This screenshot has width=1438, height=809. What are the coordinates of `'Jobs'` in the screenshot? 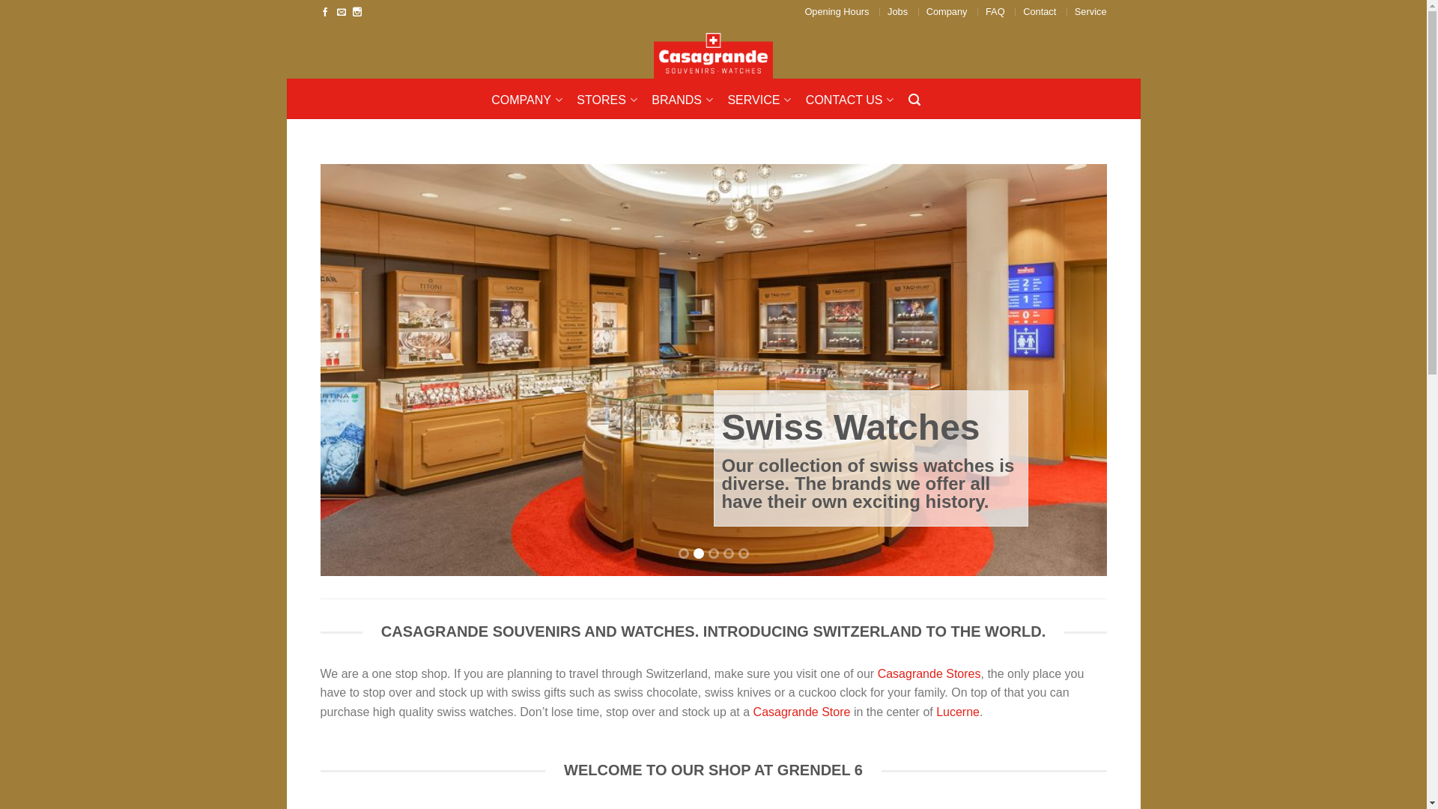 It's located at (897, 11).